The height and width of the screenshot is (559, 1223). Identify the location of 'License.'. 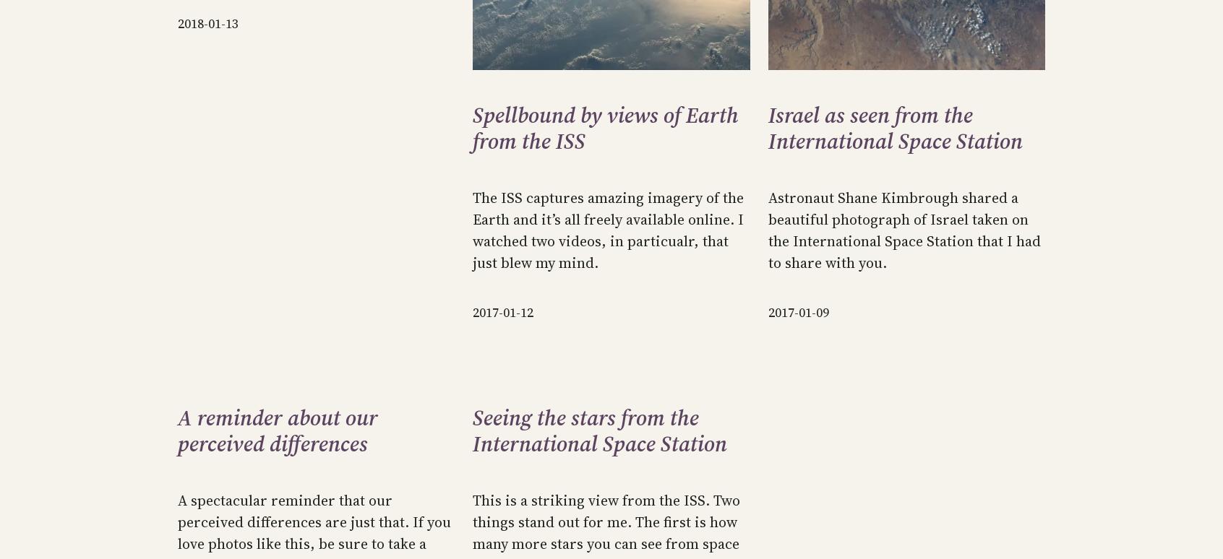
(1048, 94).